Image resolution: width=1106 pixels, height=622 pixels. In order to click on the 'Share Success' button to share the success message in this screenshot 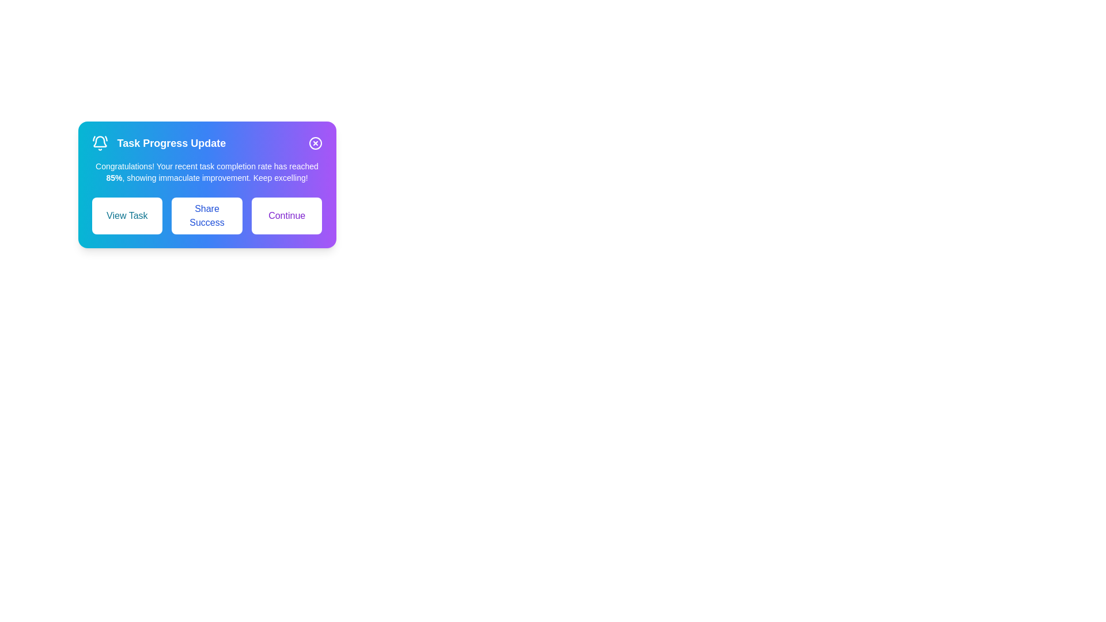, I will do `click(207, 215)`.